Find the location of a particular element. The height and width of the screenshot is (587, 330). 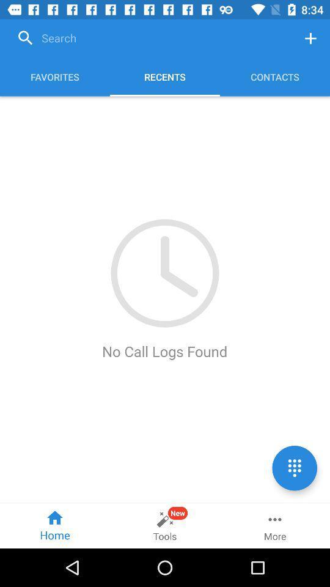

the contacts is located at coordinates (274, 76).